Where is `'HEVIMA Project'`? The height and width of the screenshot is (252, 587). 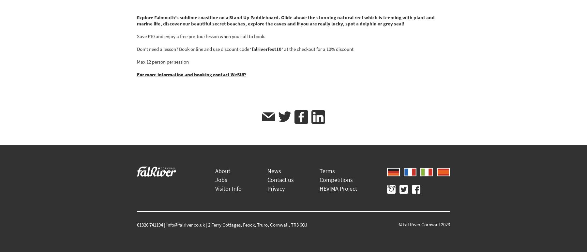 'HEVIMA Project' is located at coordinates (338, 188).